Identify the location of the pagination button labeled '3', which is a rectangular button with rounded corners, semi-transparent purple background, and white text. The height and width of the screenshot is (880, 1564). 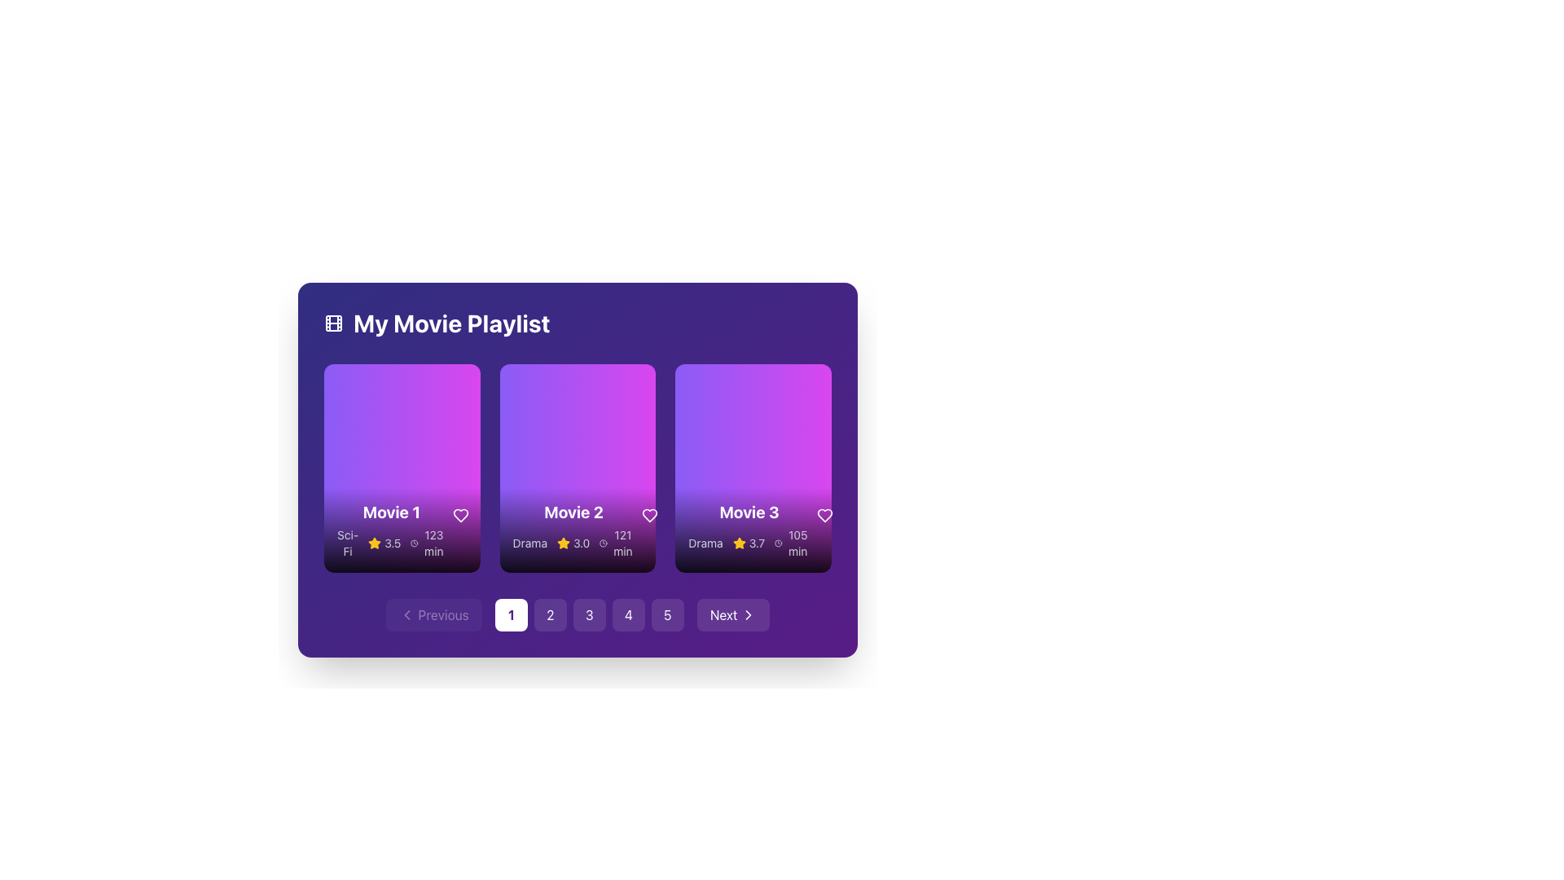
(578, 615).